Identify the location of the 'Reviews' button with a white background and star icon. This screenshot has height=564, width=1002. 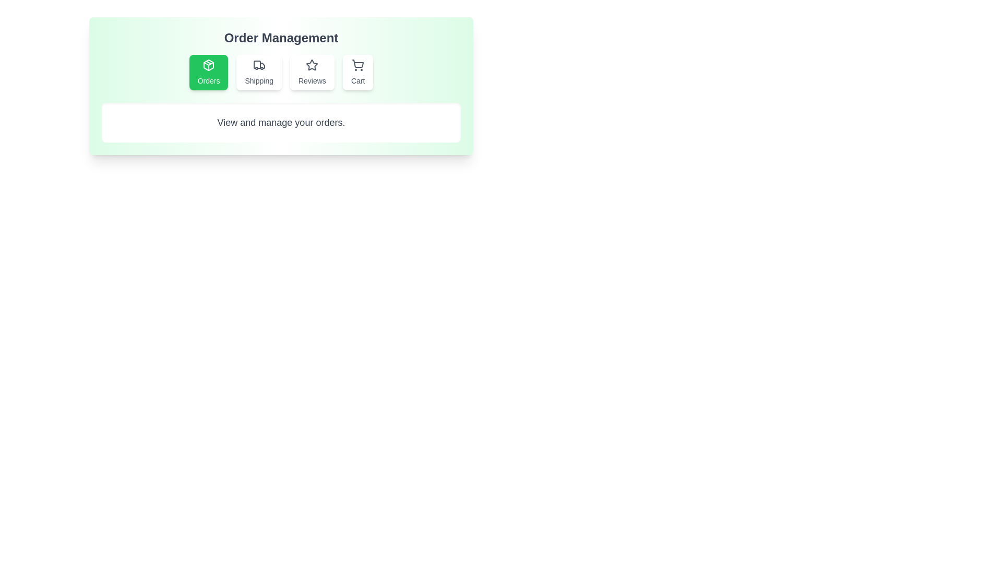
(312, 72).